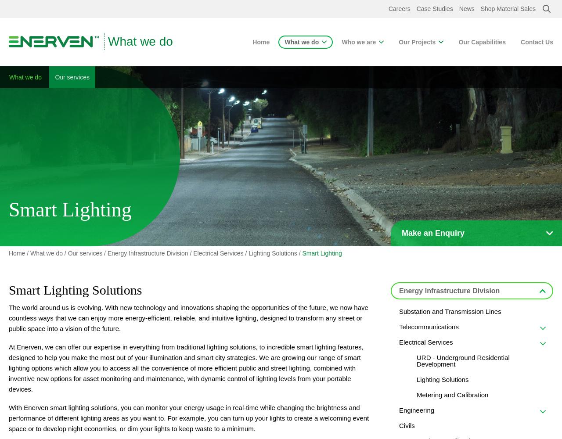  Describe the element at coordinates (416, 410) in the screenshot. I see `'Engineering'` at that location.